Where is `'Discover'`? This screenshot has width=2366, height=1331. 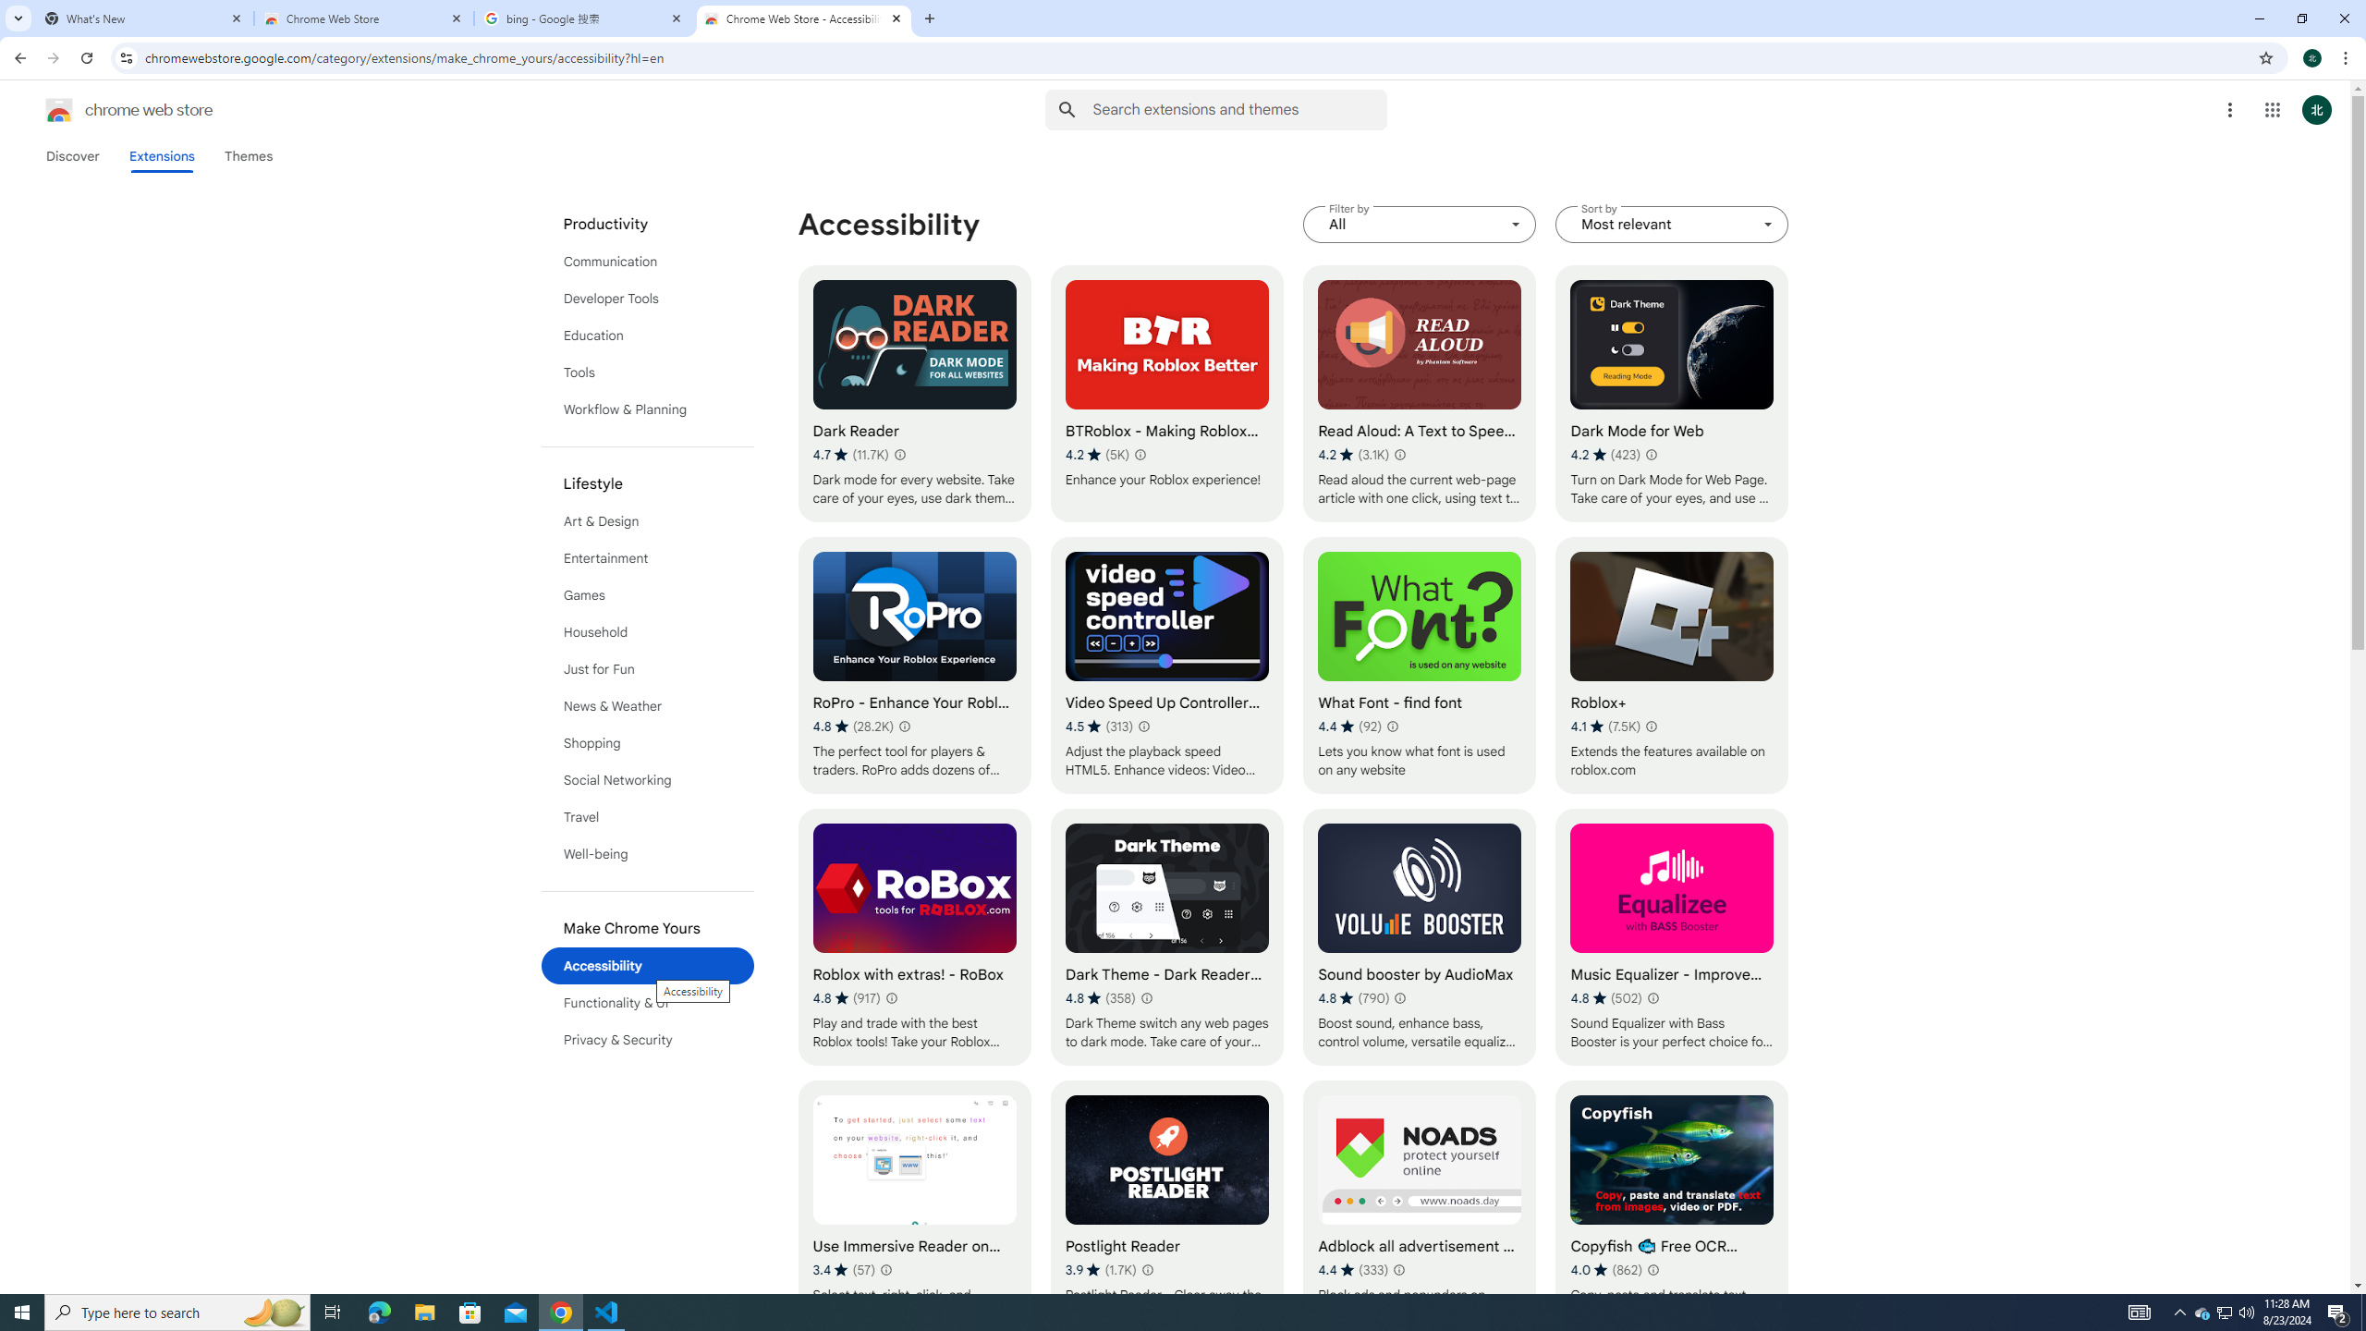 'Discover' is located at coordinates (71, 155).